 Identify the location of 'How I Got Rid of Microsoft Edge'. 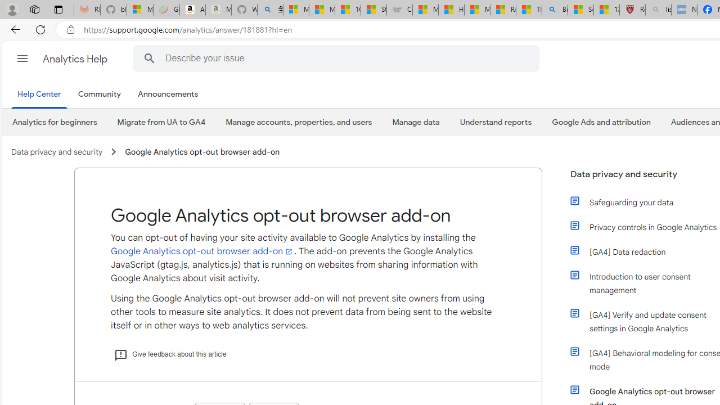
(451, 10).